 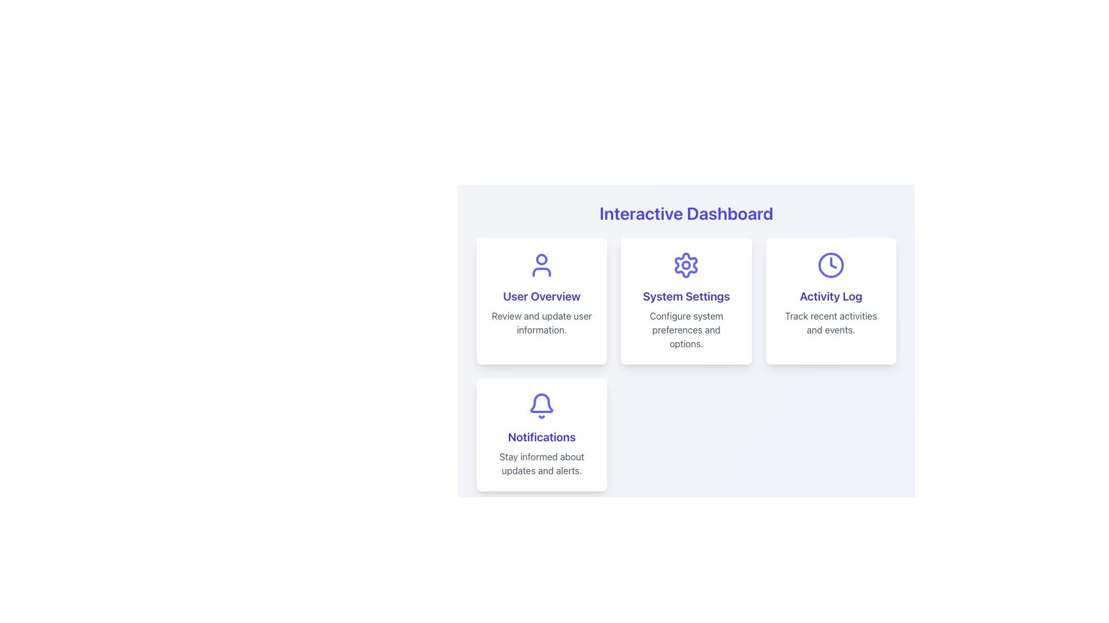 I want to click on the center card in the top row of the grid that provides access to system preferences and configurable options, so click(x=686, y=300).